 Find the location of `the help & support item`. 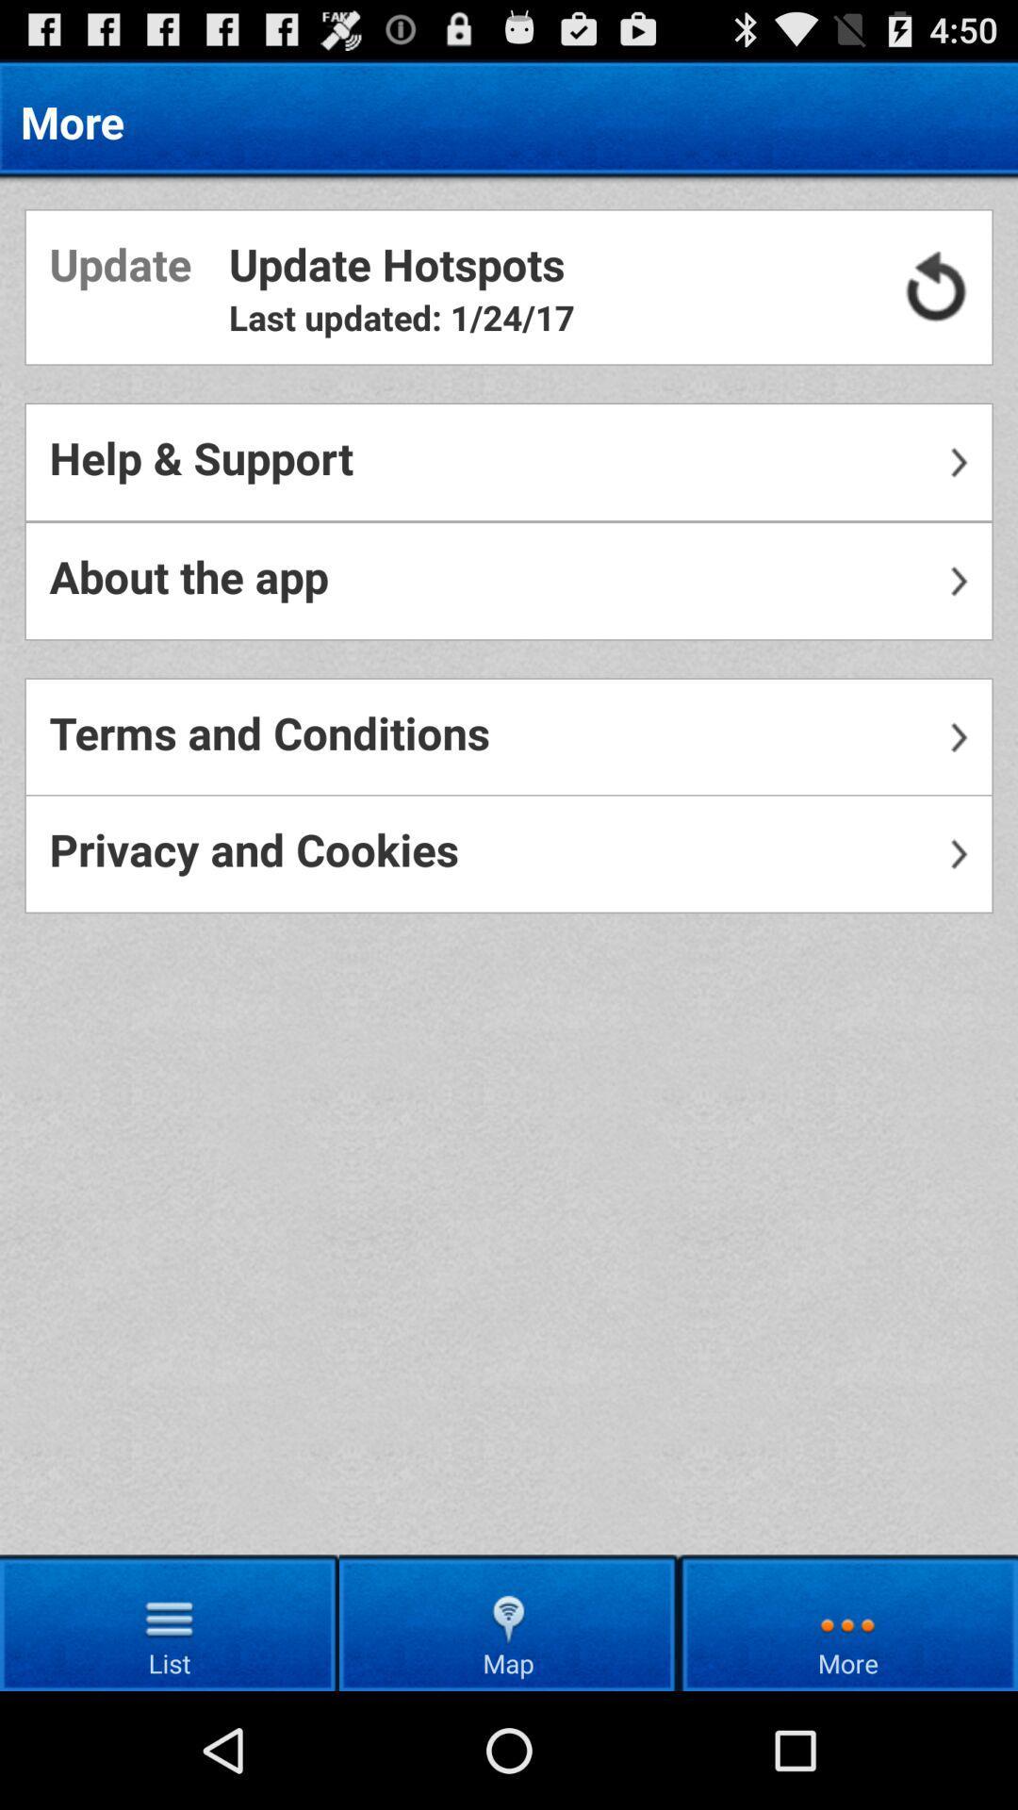

the help & support item is located at coordinates (509, 462).